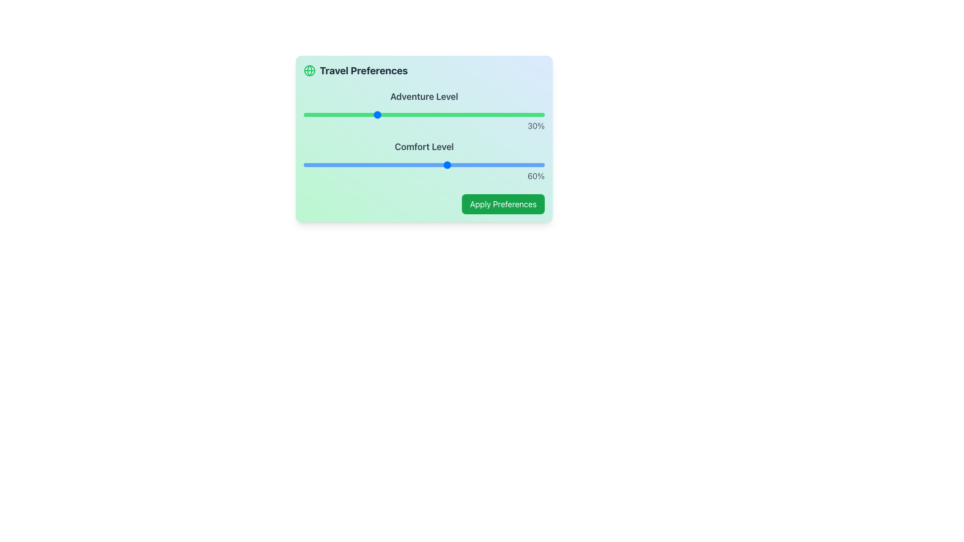  What do you see at coordinates (424, 160) in the screenshot?
I see `percentage value displayed on the 'Comfort Level' slider, which shows '60%' to understand the current comfort level setting` at bounding box center [424, 160].